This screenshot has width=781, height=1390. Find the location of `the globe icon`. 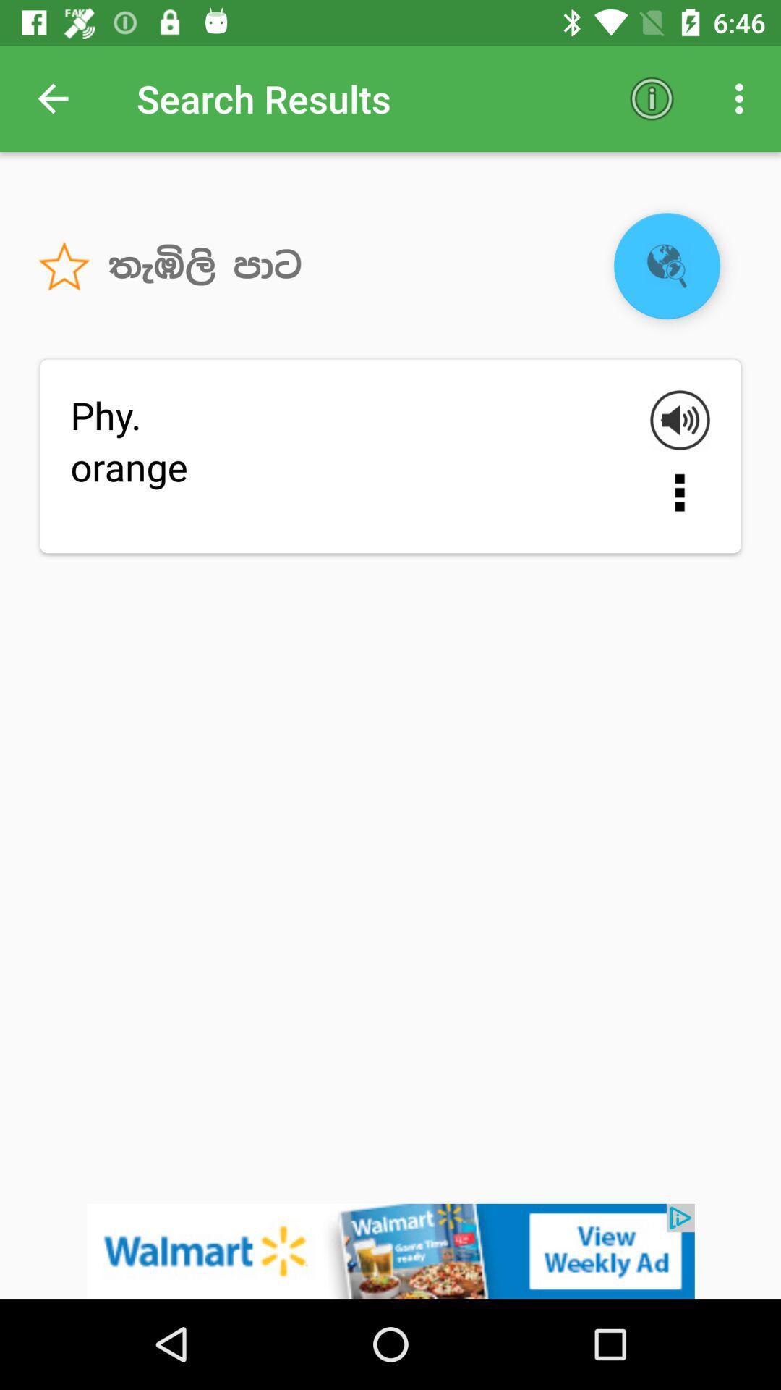

the globe icon is located at coordinates (667, 266).